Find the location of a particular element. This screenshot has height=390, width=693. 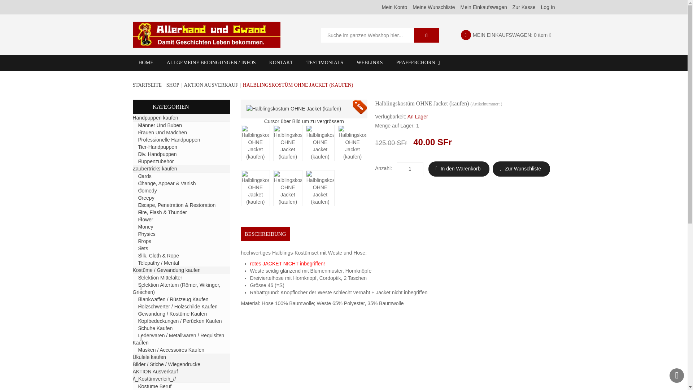

'Meine Wunschliste' is located at coordinates (433, 7).